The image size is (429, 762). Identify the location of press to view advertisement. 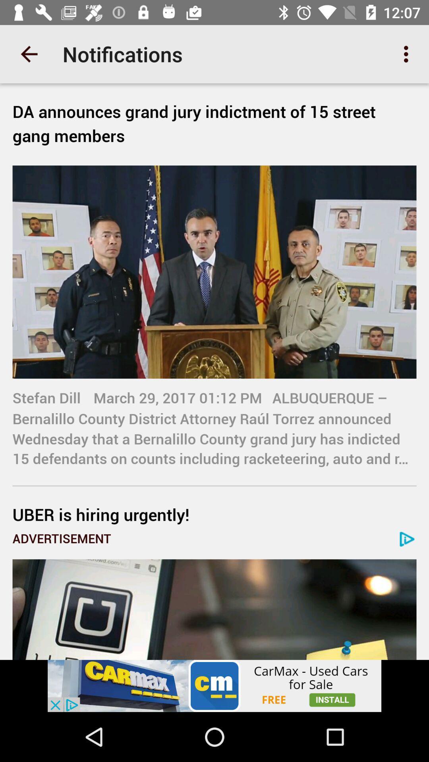
(214, 685).